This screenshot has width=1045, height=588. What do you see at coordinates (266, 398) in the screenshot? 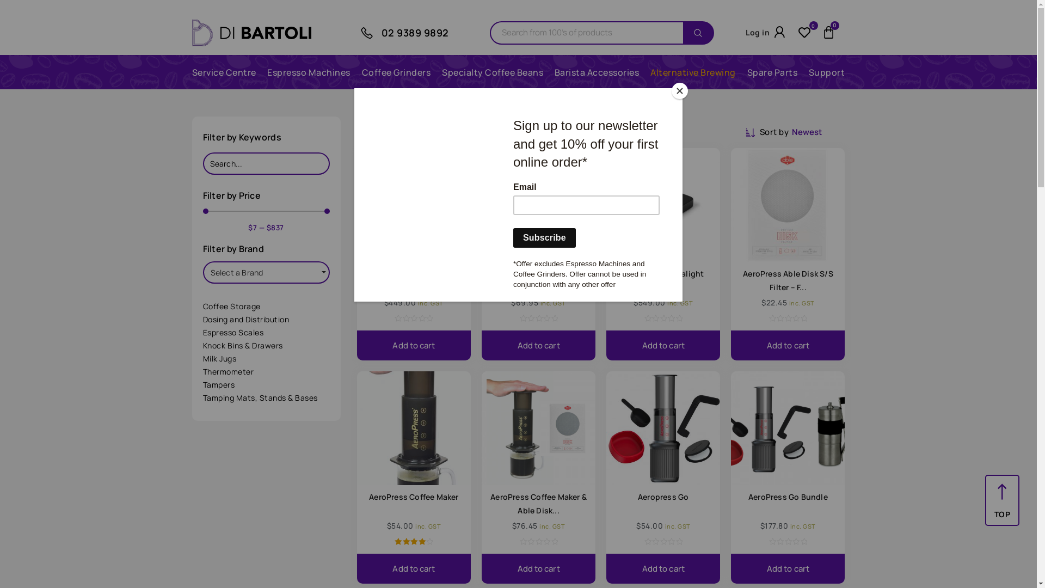
I see `'Tamping Mats, Stands & Bases'` at bounding box center [266, 398].